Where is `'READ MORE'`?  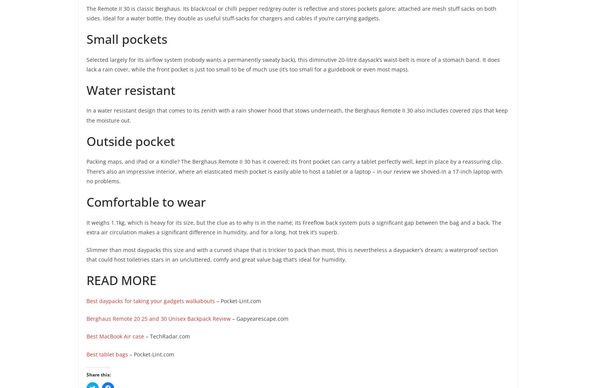
'READ MORE' is located at coordinates (86, 280).